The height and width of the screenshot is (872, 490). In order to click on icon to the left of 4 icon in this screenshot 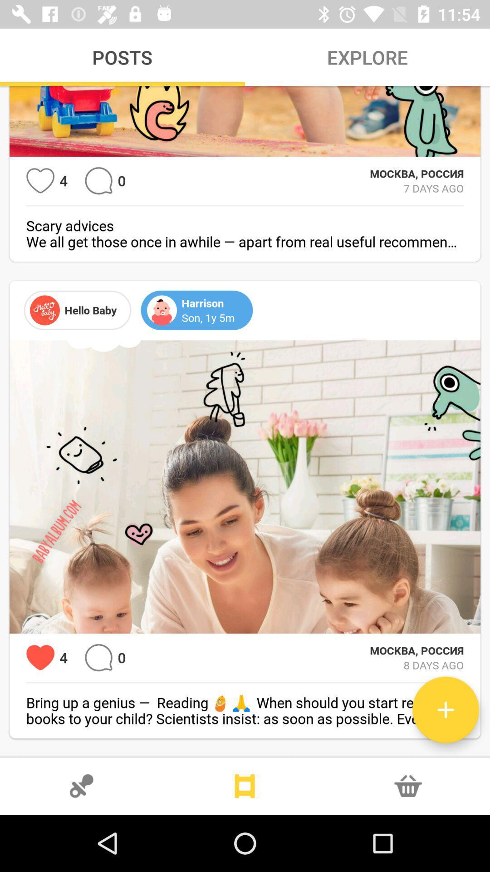, I will do `click(40, 658)`.